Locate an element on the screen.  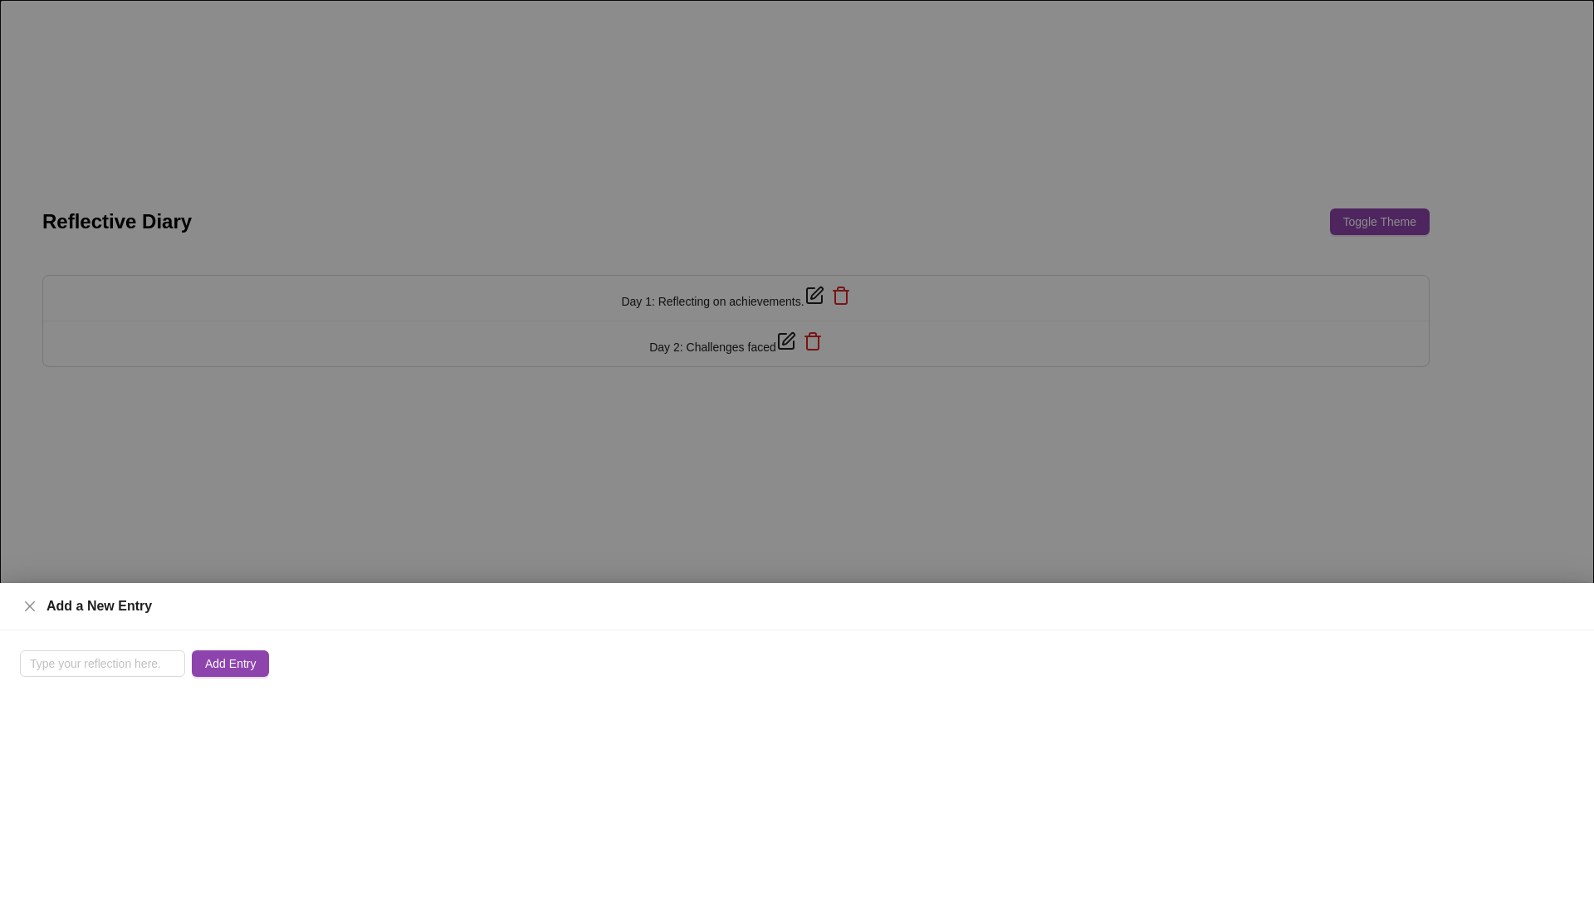
the Icon button with a pen icon, located to the left of the trash bin icon in the 'Day 1: Reflecting on achievements' list item is located at coordinates (814, 294).